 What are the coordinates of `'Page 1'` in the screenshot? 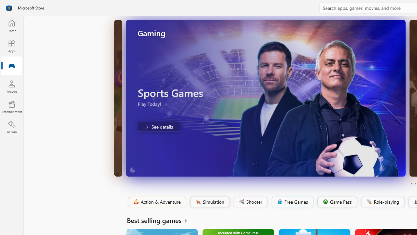 It's located at (411, 184).